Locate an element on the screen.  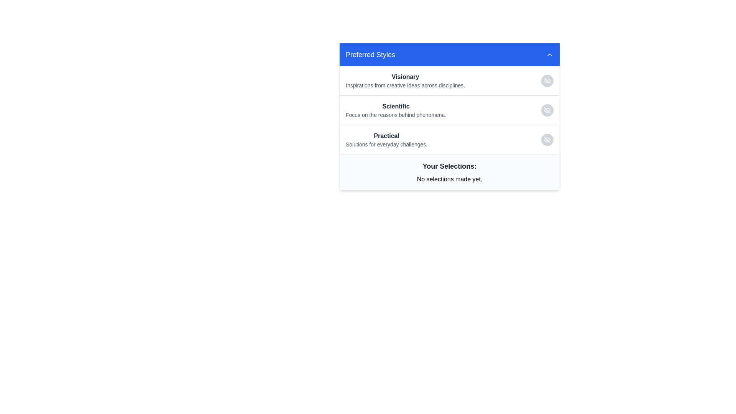
the circular visibility toggle button with a gray background and a white eye-like symbol is located at coordinates (547, 140).